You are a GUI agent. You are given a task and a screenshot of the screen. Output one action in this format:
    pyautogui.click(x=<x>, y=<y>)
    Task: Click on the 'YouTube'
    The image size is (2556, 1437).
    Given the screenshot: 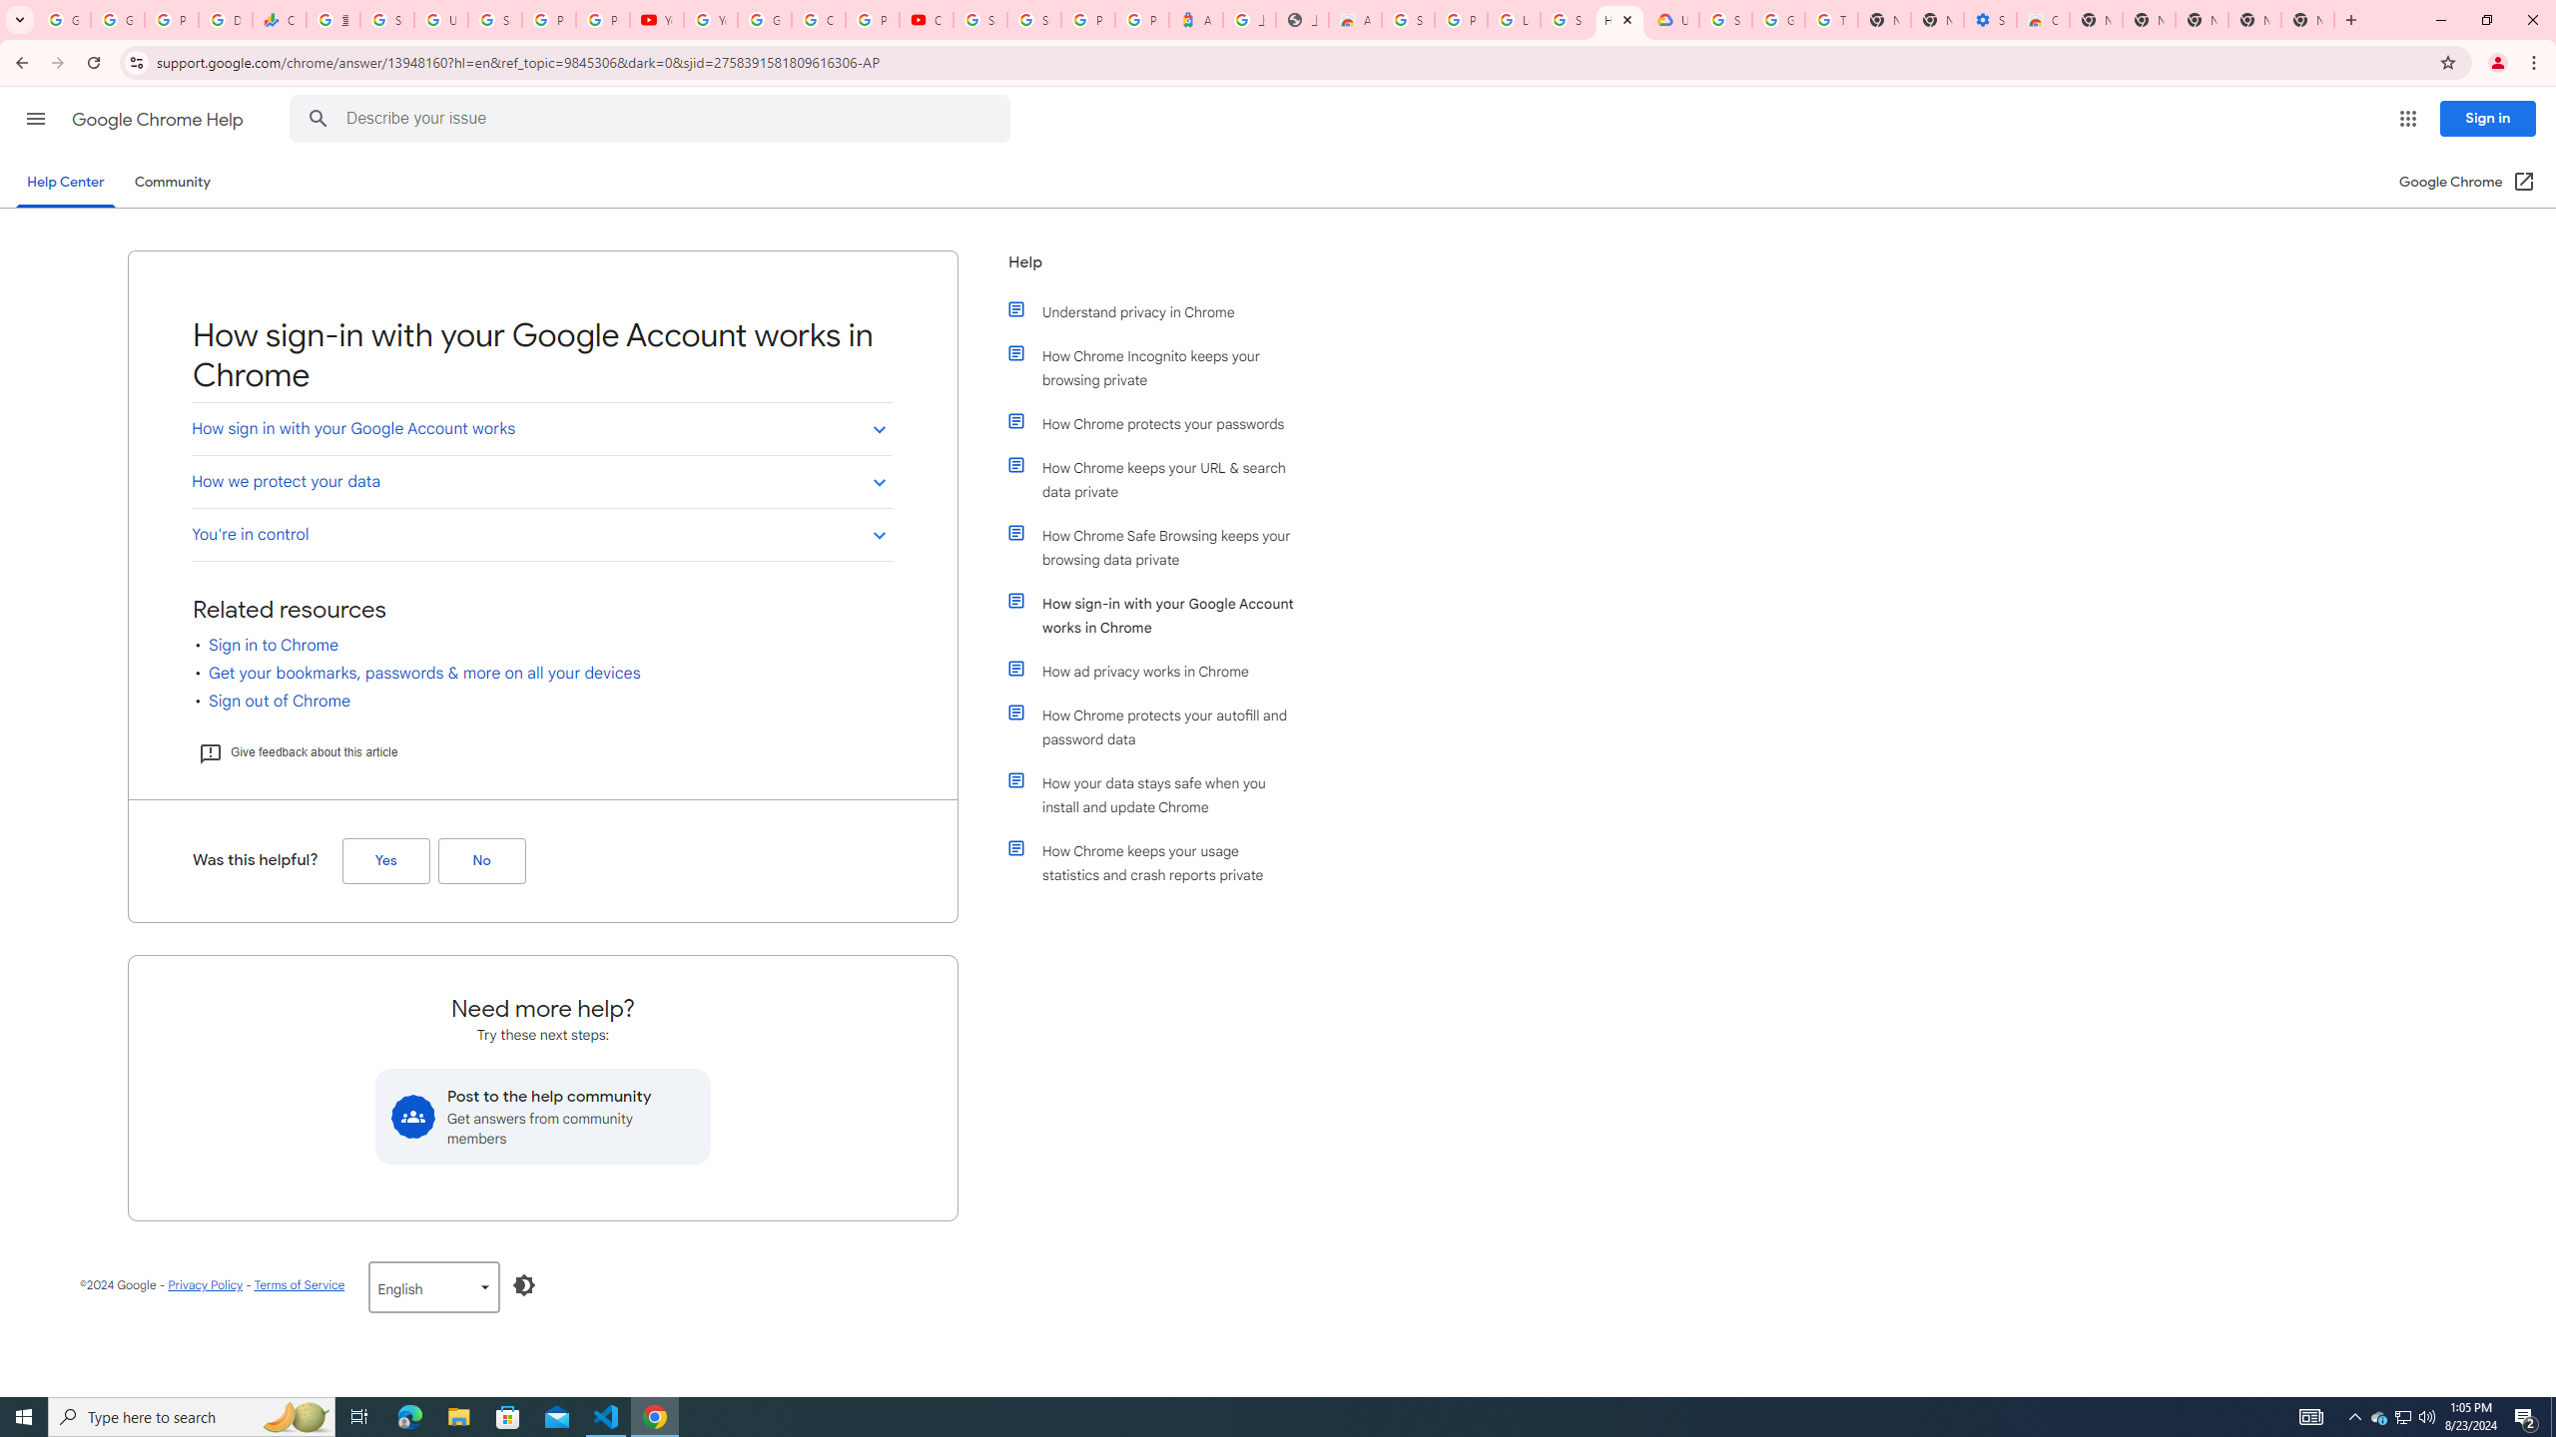 What is the action you would take?
    pyautogui.click(x=655, y=19)
    